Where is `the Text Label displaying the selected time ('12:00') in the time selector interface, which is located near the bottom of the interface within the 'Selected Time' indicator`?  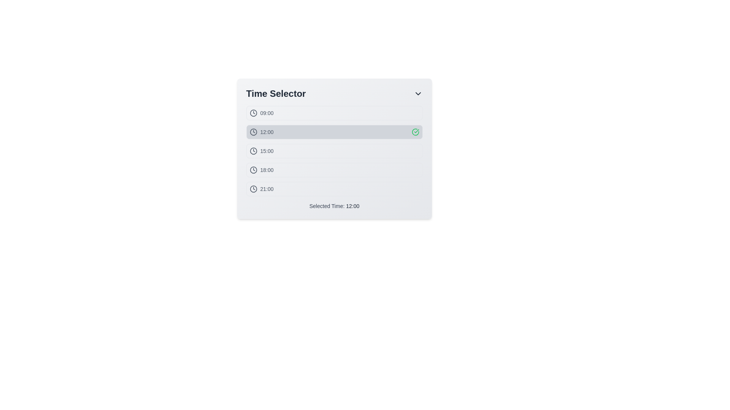
the Text Label displaying the selected time ('12:00') in the time selector interface, which is located near the bottom of the interface within the 'Selected Time' indicator is located at coordinates (352, 206).